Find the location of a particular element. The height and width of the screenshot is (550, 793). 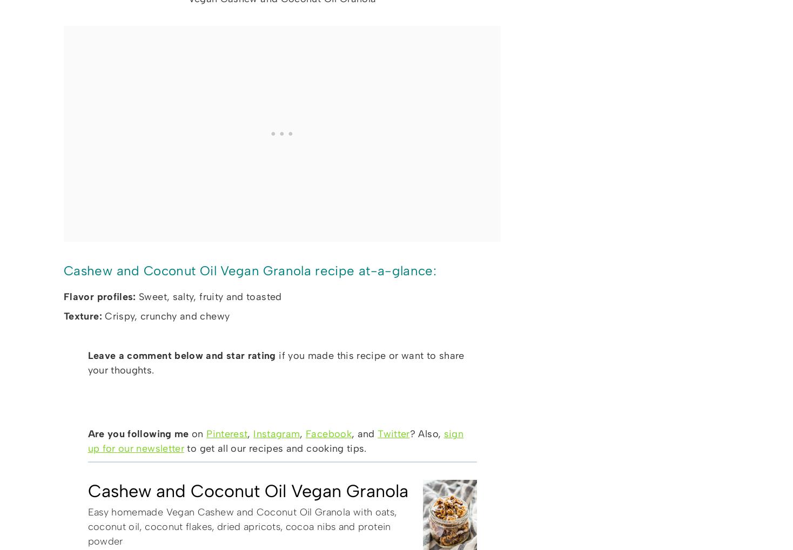

'Are you following me' is located at coordinates (139, 433).